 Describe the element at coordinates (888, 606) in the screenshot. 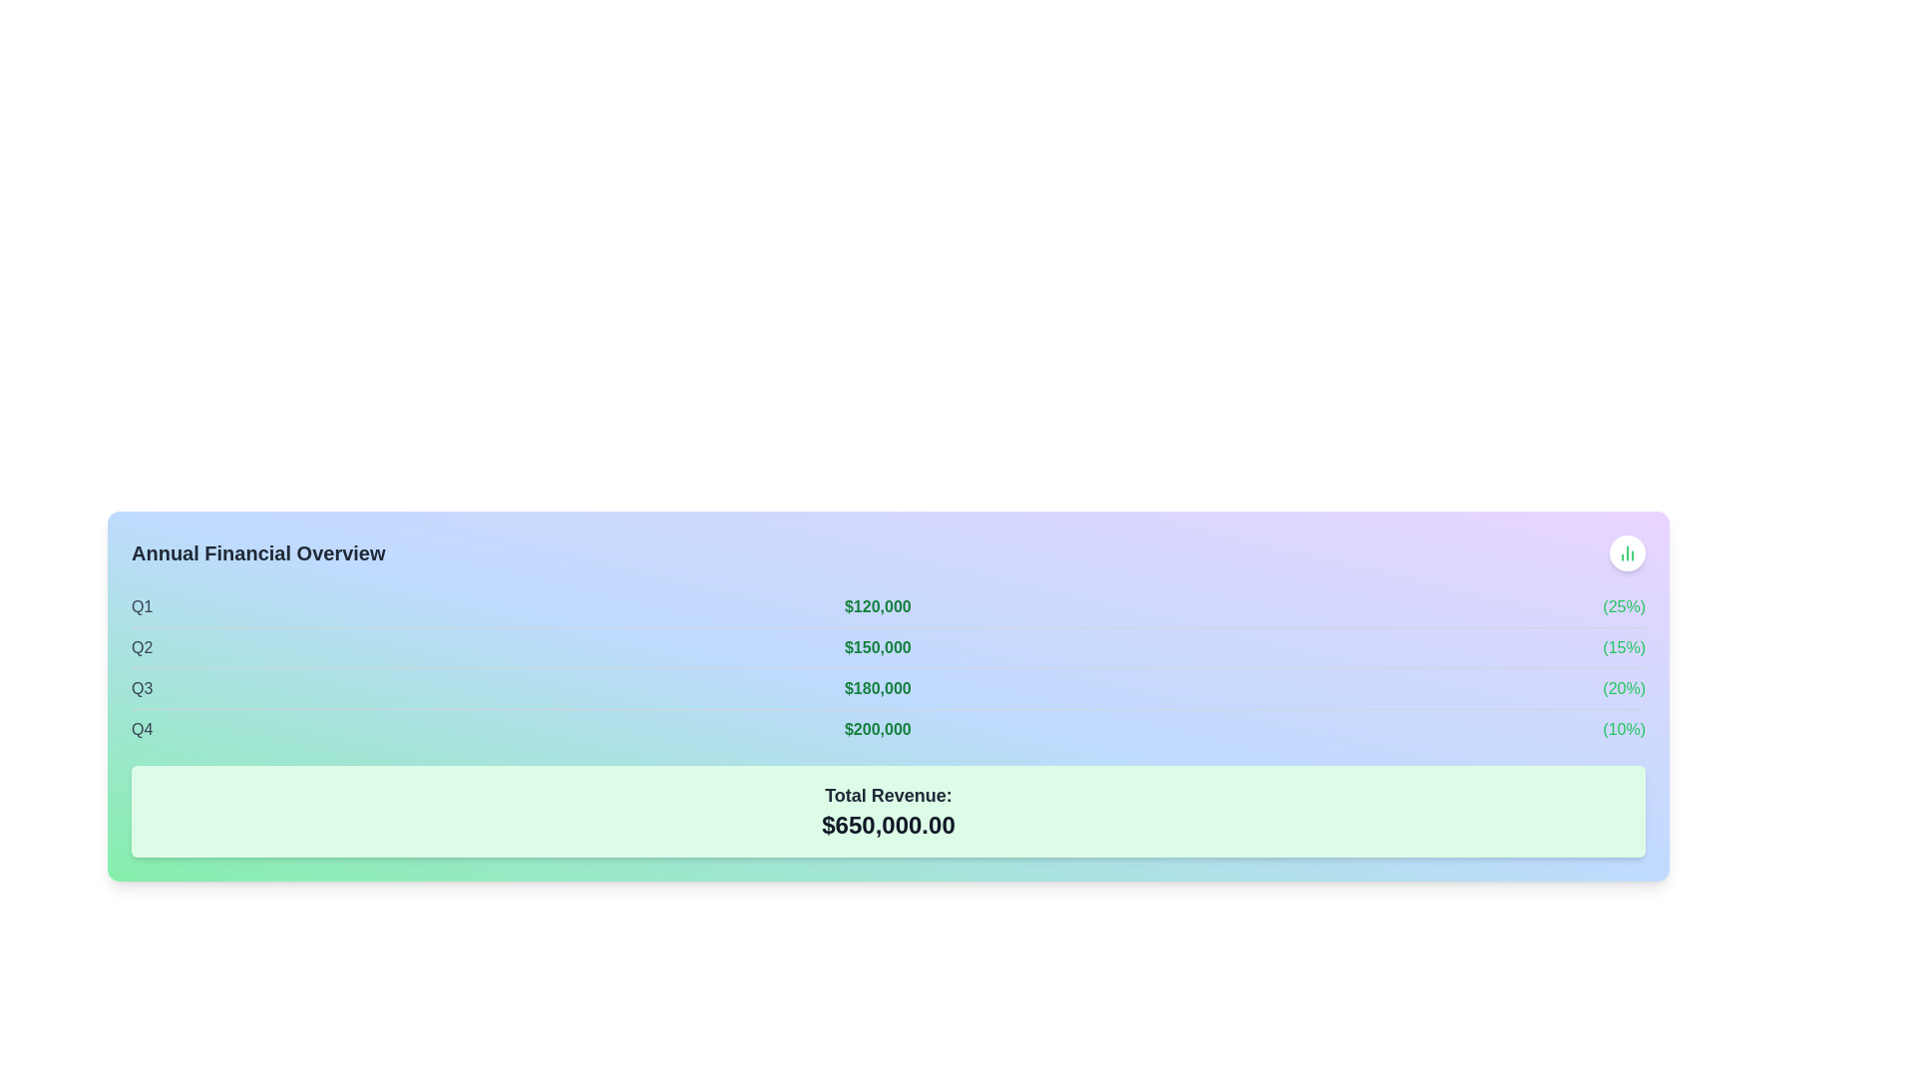

I see `the first Informative data row displaying 'Q1', '$120,000', and '(25%)' with a gradient background from purple to green` at that location.